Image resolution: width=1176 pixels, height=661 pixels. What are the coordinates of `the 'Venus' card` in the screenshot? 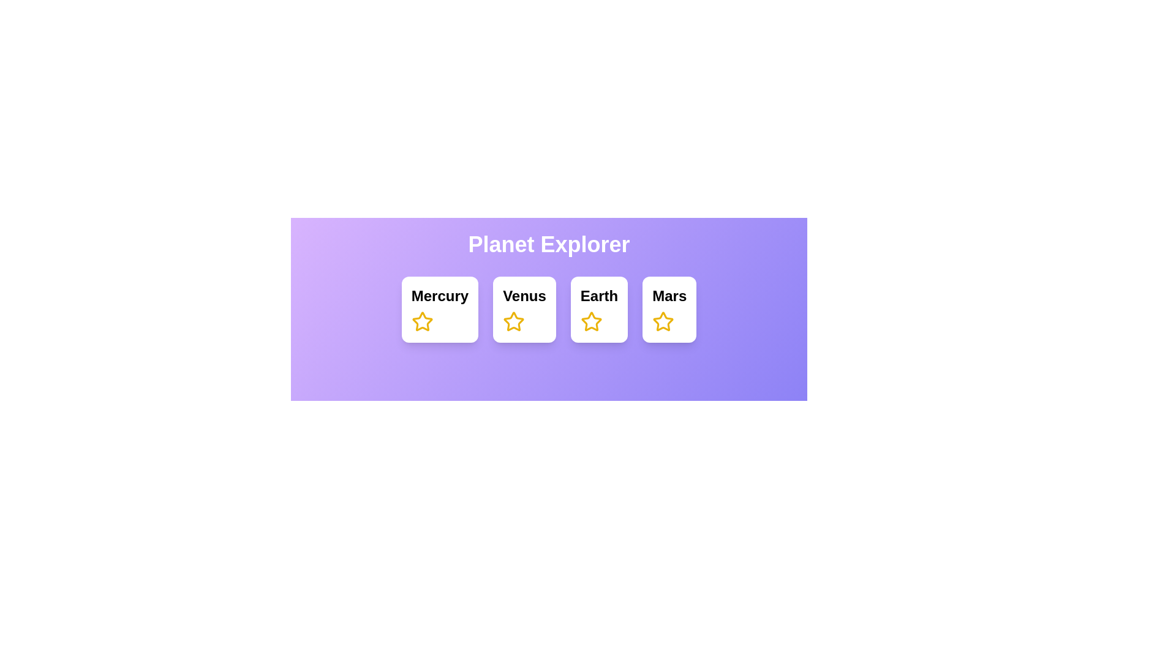 It's located at (548, 302).